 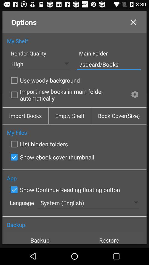 What do you see at coordinates (44, 80) in the screenshot?
I see `app below /sdcard/books app` at bounding box center [44, 80].